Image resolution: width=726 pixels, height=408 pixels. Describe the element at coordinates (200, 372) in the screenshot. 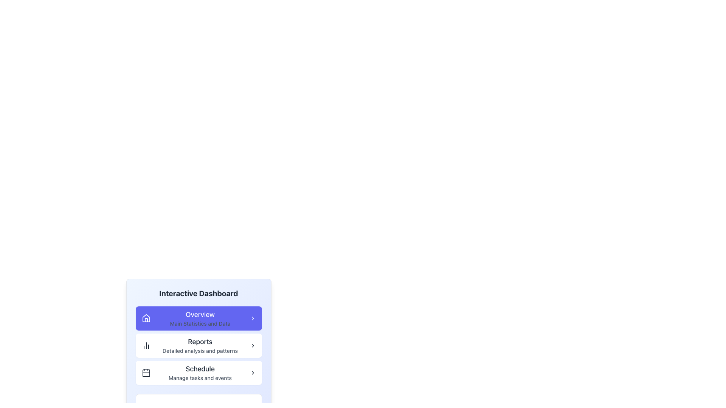

I see `the 'Schedule' menu item which allows users to manage tasks and events, located below 'Interactive Dashboard' as the third item in the navigation list` at that location.